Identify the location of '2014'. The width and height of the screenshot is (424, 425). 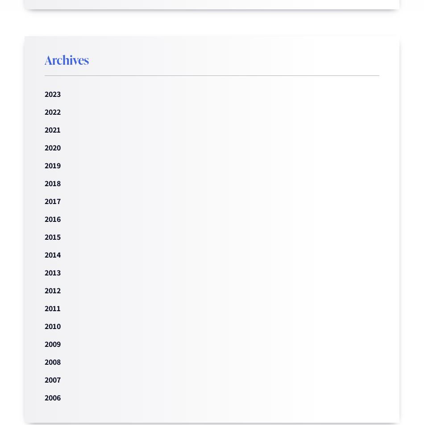
(52, 254).